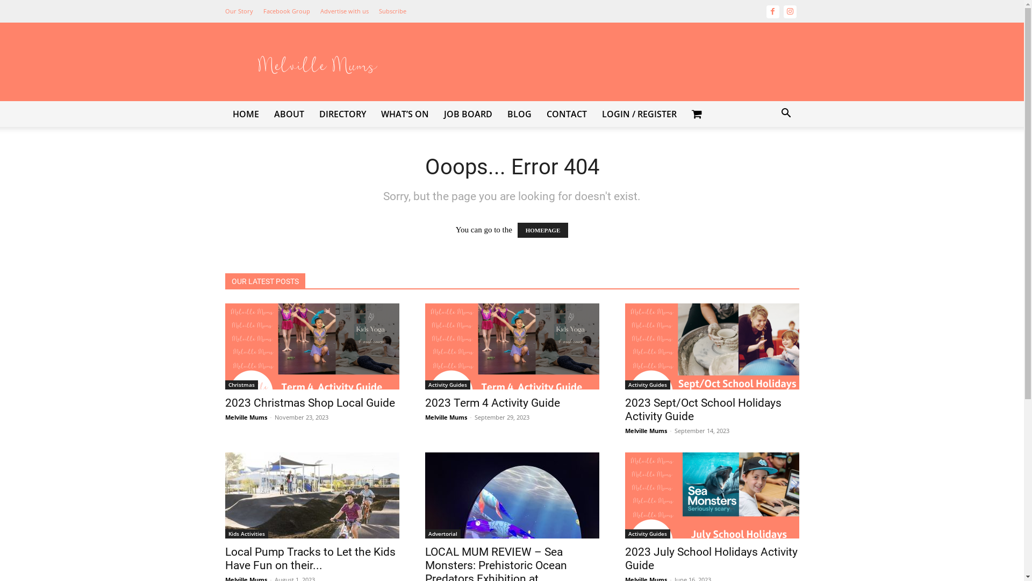  What do you see at coordinates (712, 346) in the screenshot?
I see `'2023 Sept/Oct School Holidays Activity Guide'` at bounding box center [712, 346].